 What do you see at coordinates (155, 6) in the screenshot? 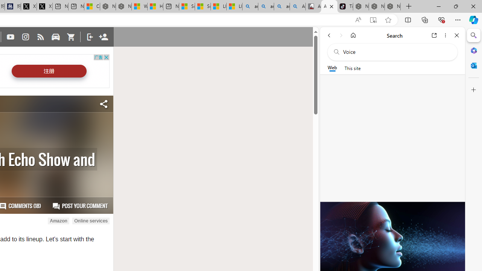
I see `'Huge shark washes ashore at New York City beach | Watch'` at bounding box center [155, 6].